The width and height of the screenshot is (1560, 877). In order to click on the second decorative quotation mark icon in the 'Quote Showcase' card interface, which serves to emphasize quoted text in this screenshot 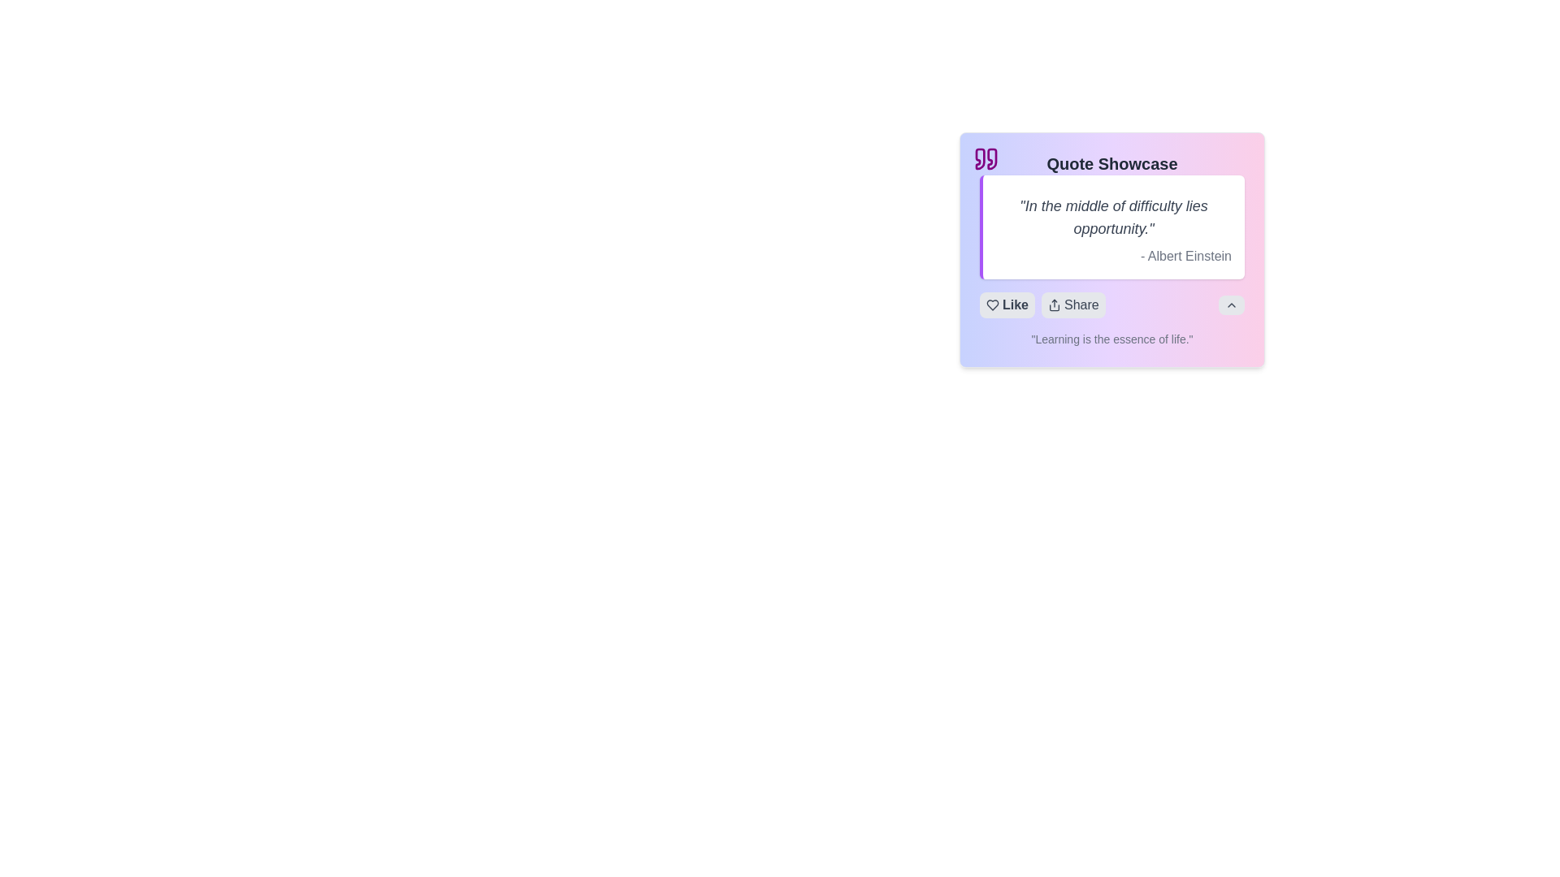, I will do `click(991, 159)`.